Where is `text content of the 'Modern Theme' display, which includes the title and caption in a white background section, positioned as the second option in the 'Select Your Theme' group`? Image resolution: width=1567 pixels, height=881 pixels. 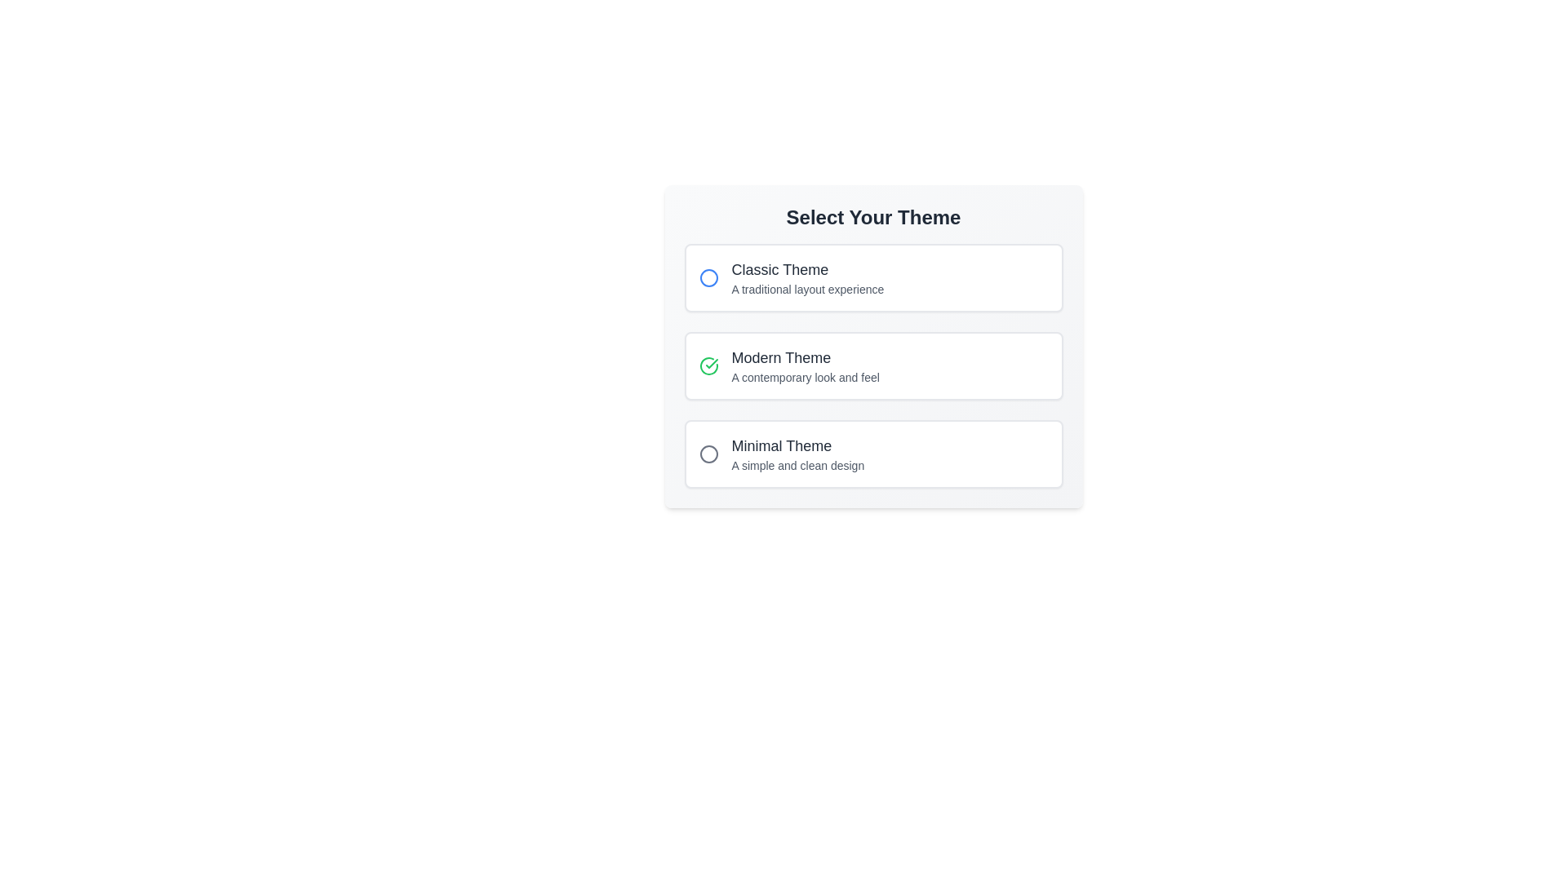
text content of the 'Modern Theme' display, which includes the title and caption in a white background section, positioned as the second option in the 'Select Your Theme' group is located at coordinates (806, 365).